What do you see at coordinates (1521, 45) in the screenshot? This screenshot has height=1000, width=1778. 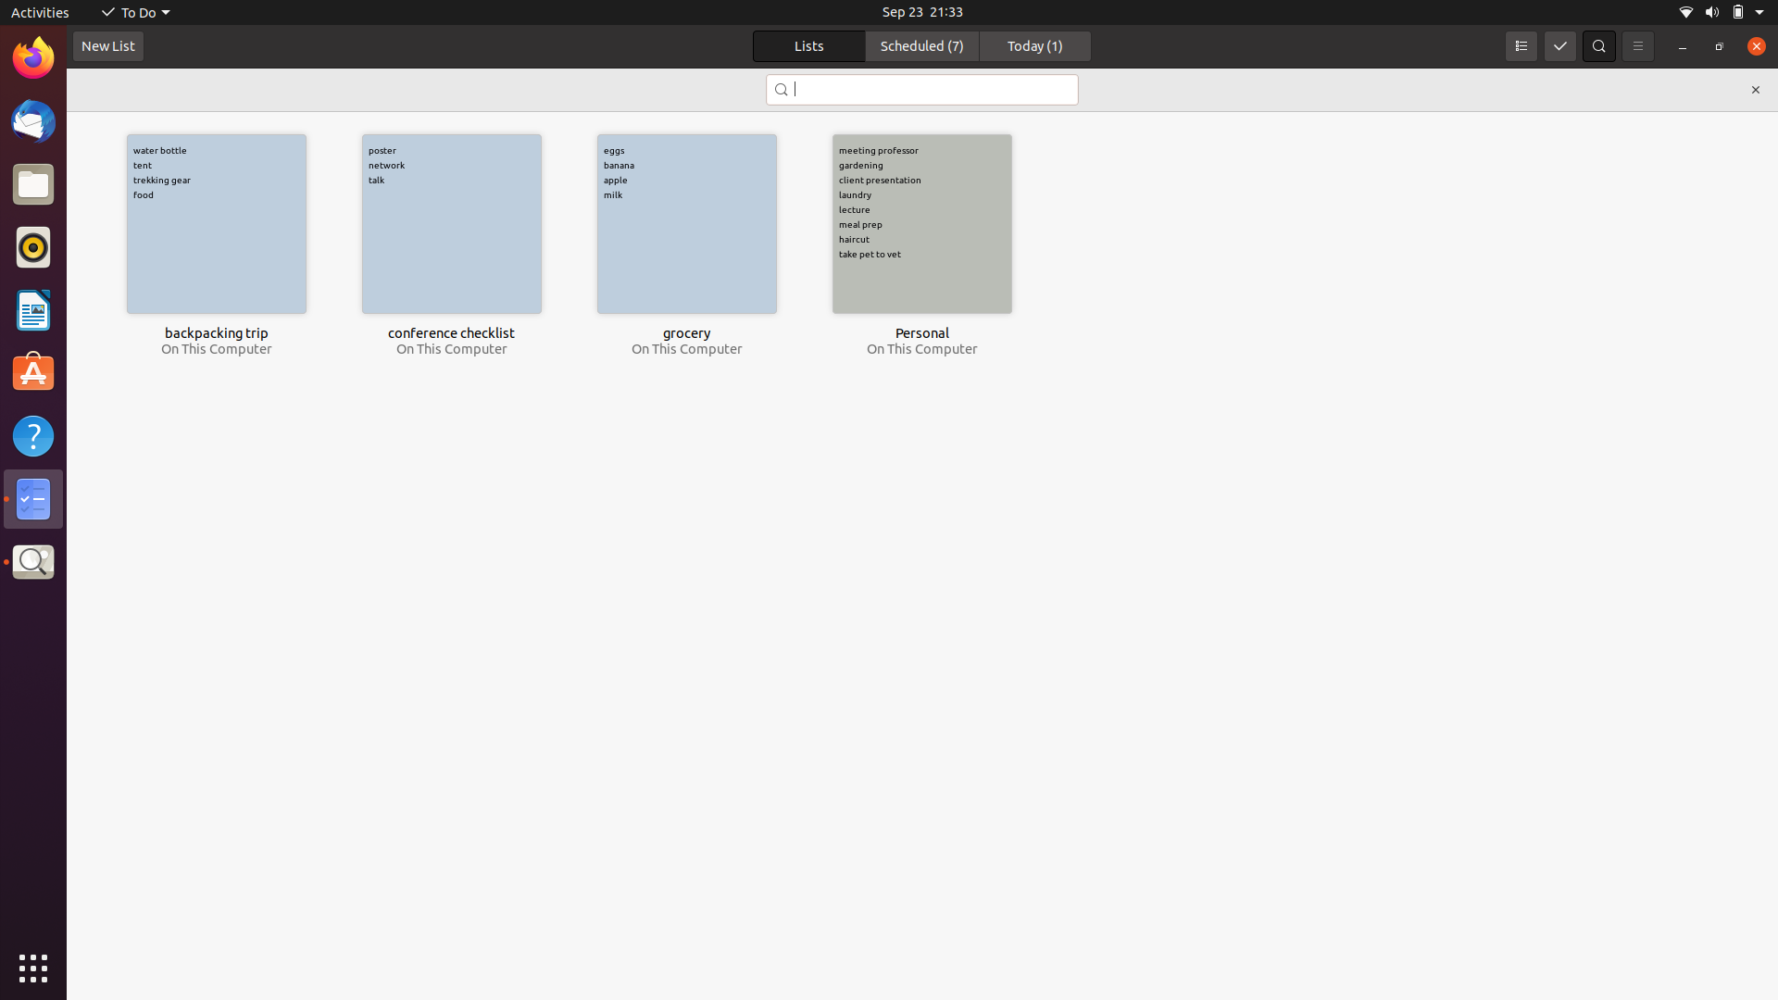 I see `Change to list format` at bounding box center [1521, 45].